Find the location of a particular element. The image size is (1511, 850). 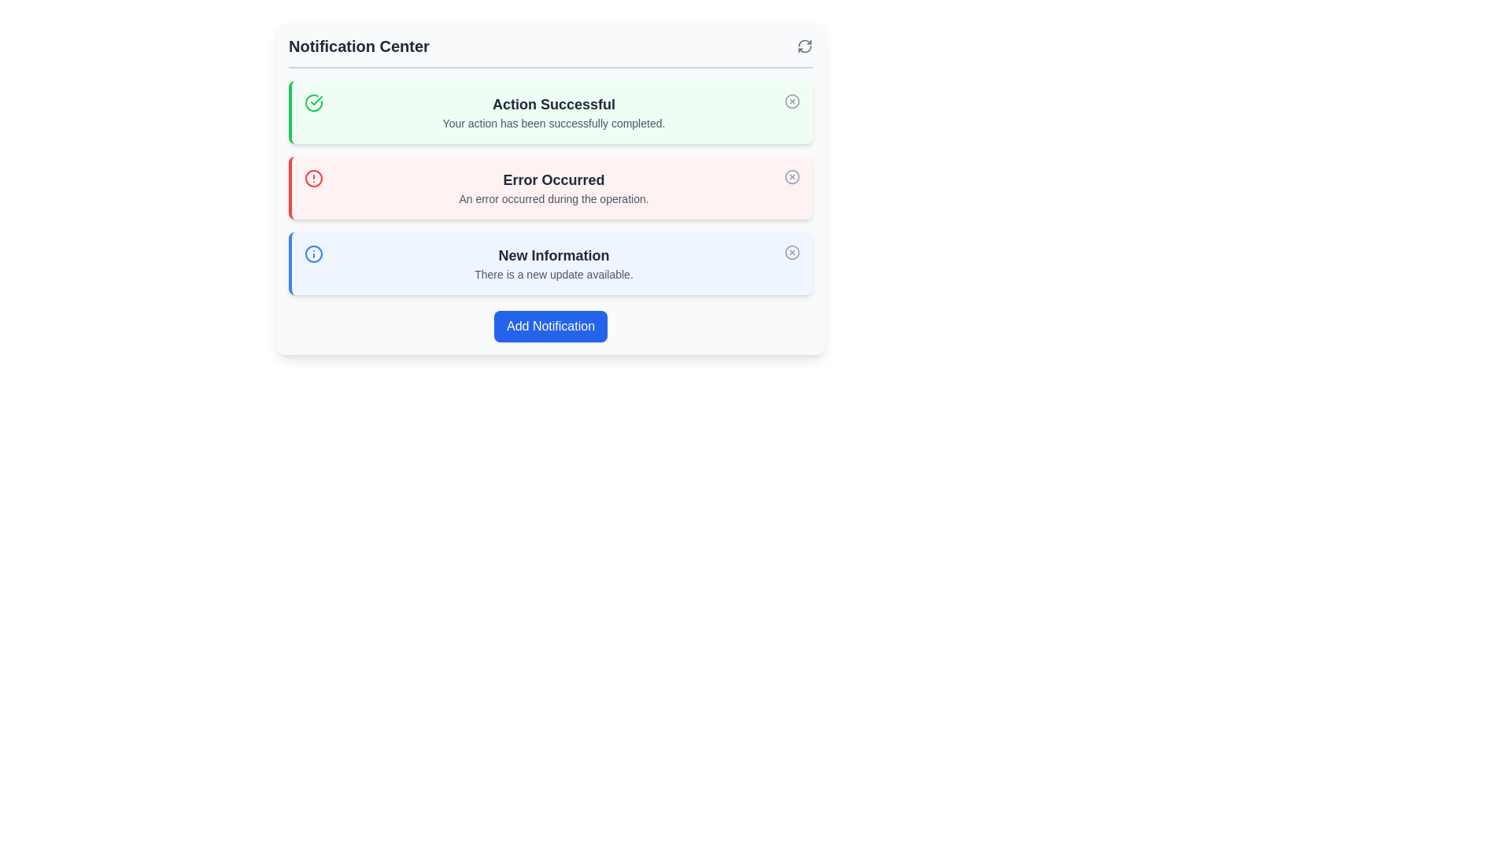

text label that provides additional information about the error state, located below the 'Error Occurred' text in the notification box is located at coordinates (554, 198).